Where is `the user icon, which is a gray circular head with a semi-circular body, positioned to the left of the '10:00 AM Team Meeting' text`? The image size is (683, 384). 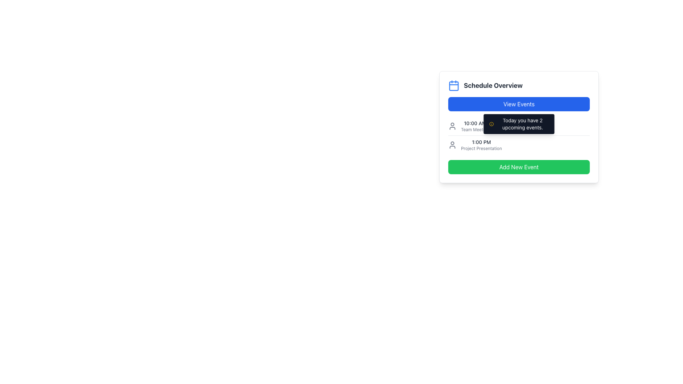
the user icon, which is a gray circular head with a semi-circular body, positioned to the left of the '10:00 AM Team Meeting' text is located at coordinates (452, 126).